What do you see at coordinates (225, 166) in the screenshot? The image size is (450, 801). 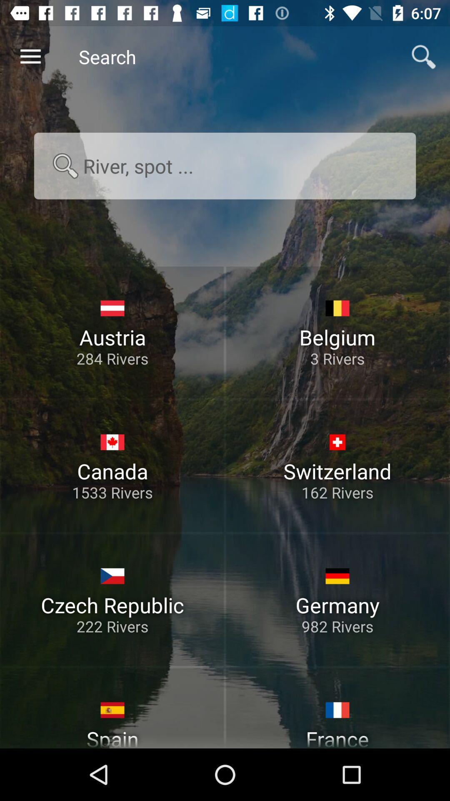 I see `search` at bounding box center [225, 166].